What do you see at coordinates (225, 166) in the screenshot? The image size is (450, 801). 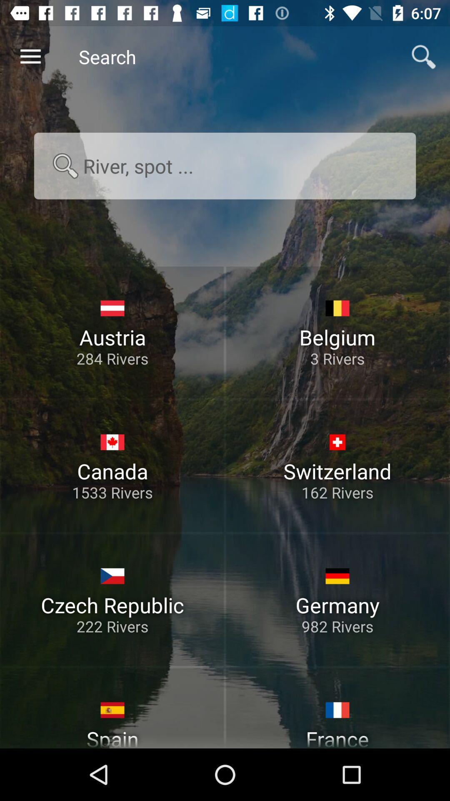 I see `search` at bounding box center [225, 166].